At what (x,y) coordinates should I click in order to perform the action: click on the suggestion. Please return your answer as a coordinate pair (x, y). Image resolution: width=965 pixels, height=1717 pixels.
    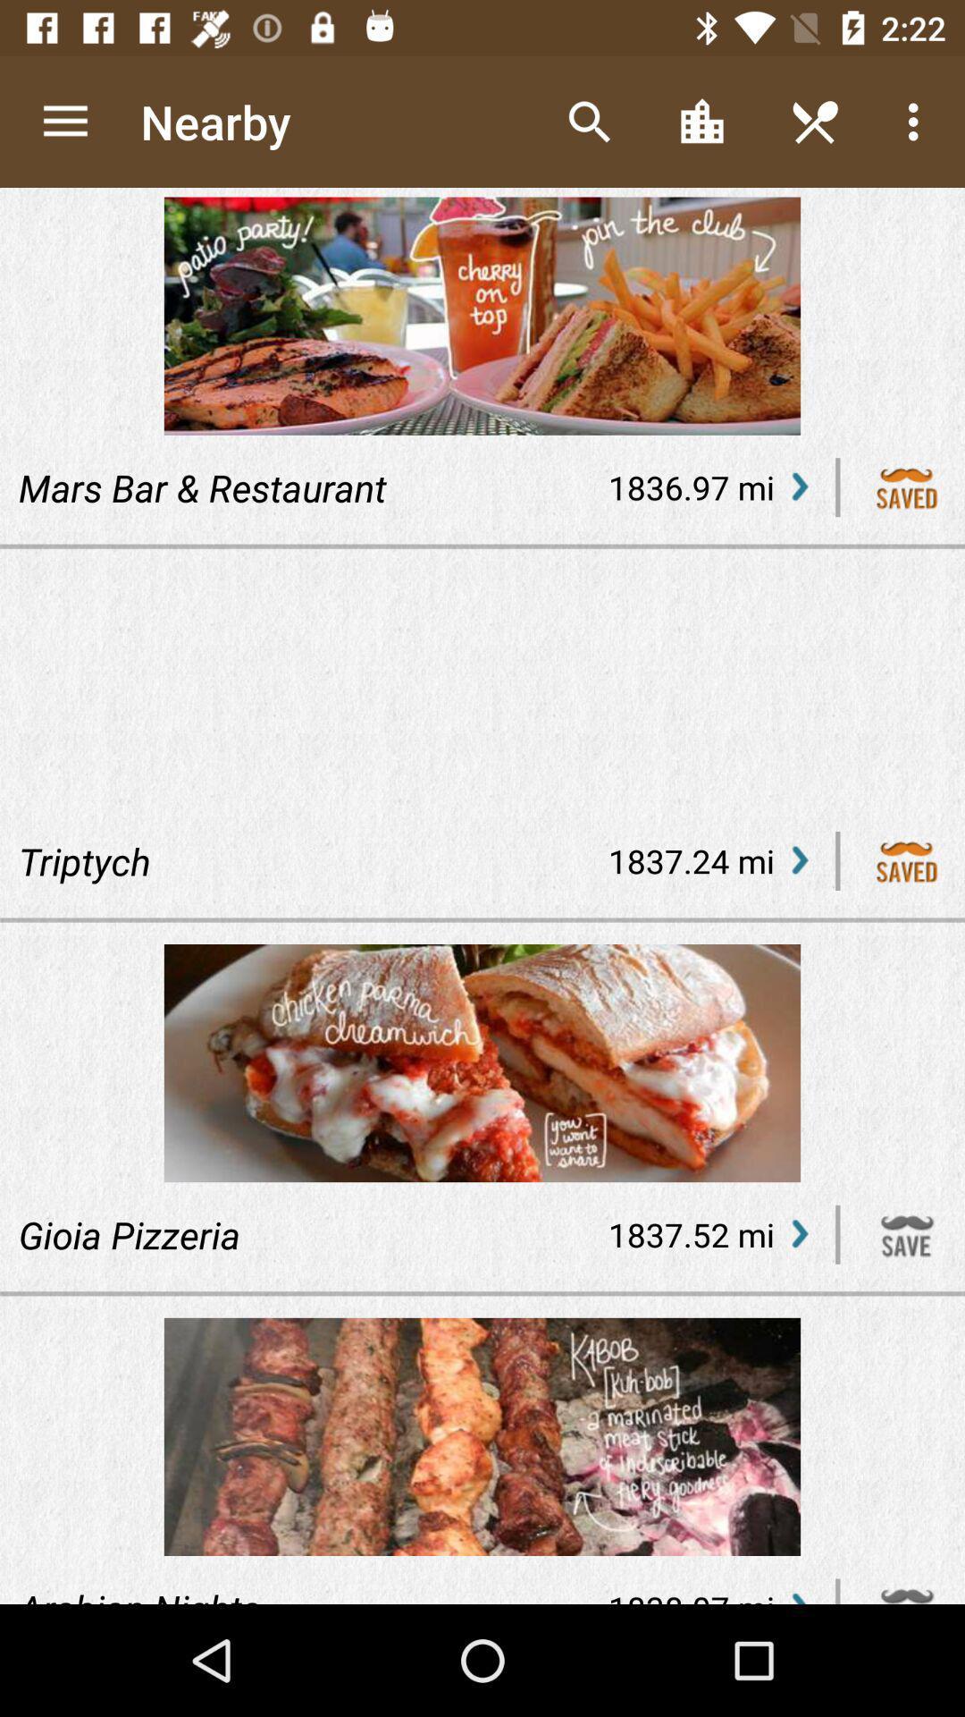
    Looking at the image, I should click on (907, 861).